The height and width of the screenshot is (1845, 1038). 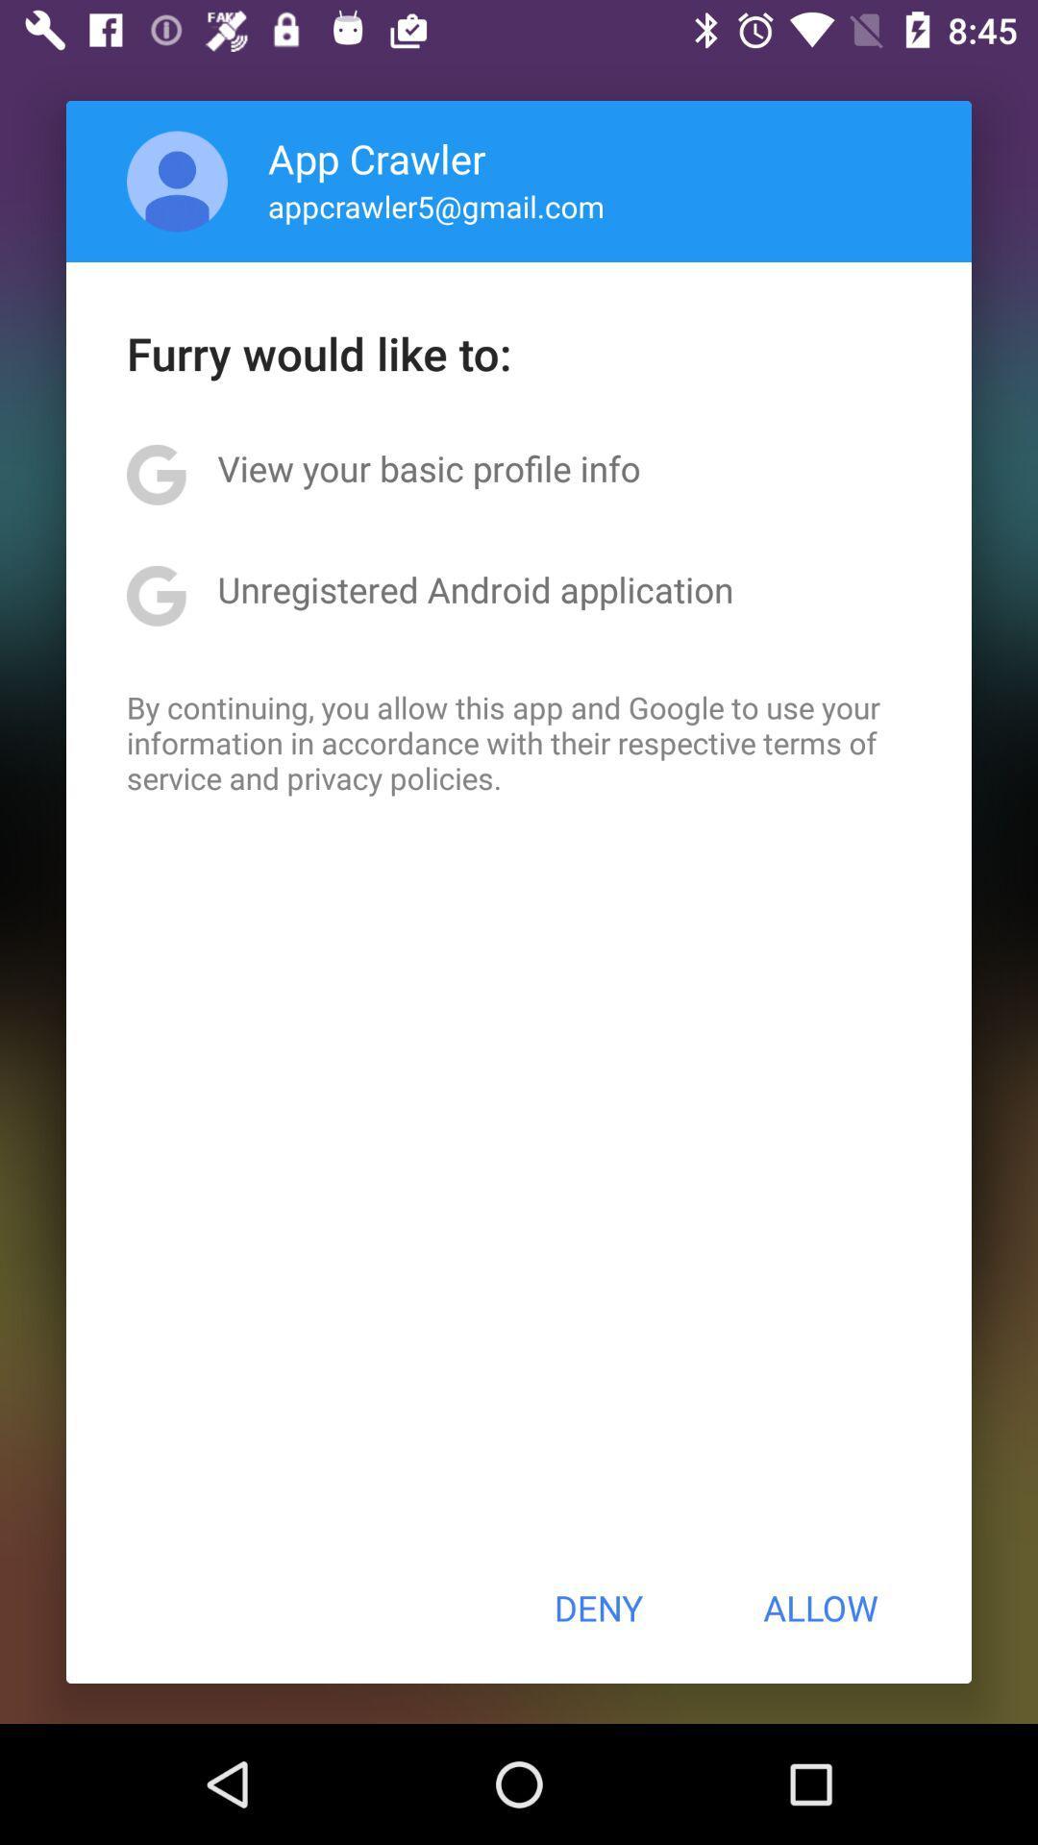 I want to click on item above the furry would like app, so click(x=177, y=181).